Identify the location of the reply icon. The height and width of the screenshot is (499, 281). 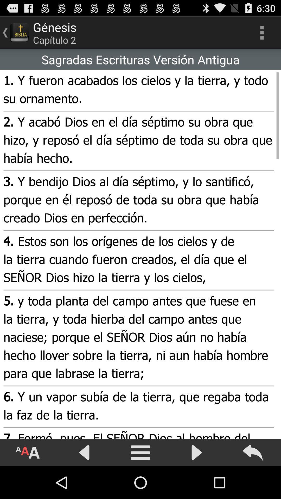
(253, 484).